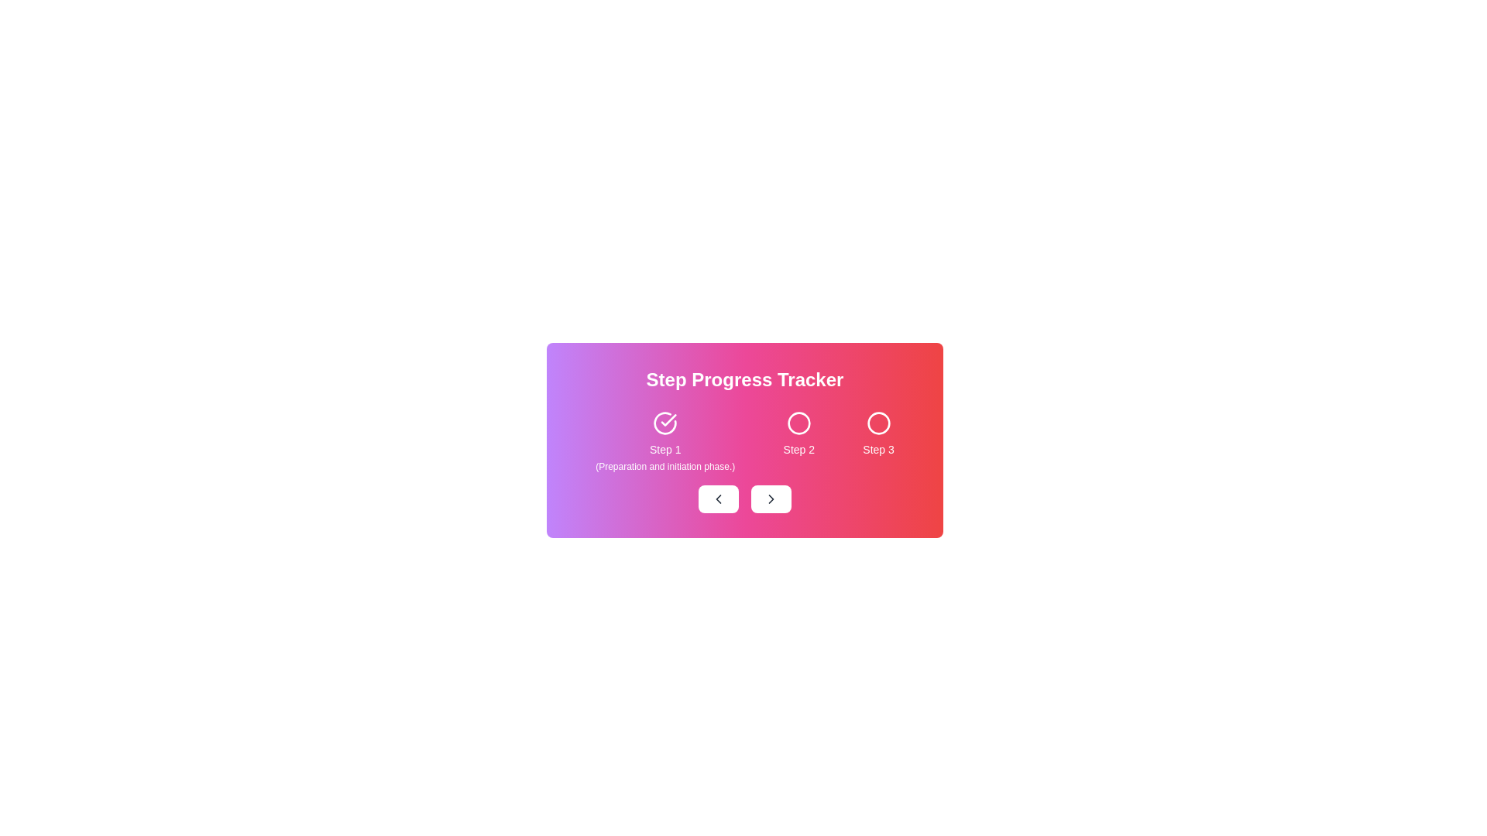 The width and height of the screenshot is (1487, 836). I want to click on the status of 'Step 1' in the progress tracker by clicking on the first icon above the text labeled 'Step 1' and '(Preparation and initiation phase.)', so click(665, 423).